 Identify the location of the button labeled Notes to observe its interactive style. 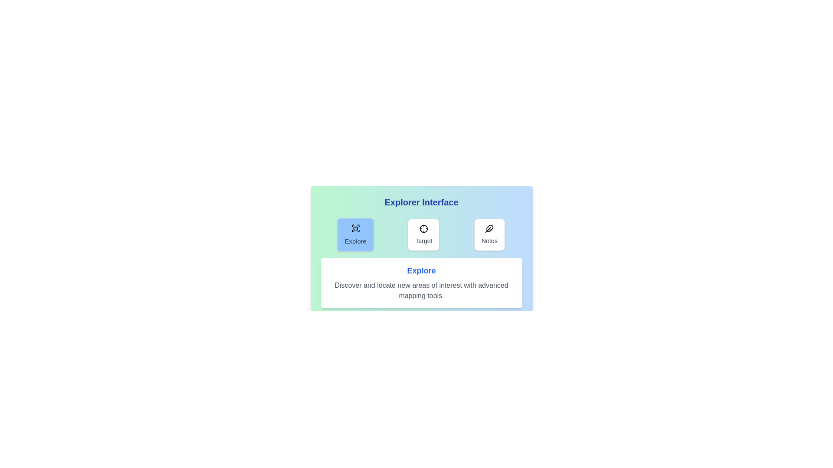
(489, 235).